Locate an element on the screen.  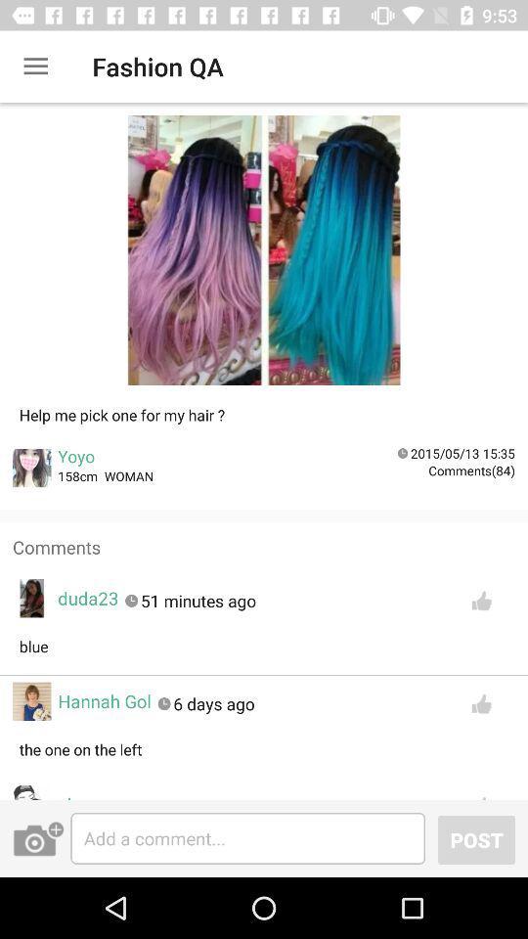
like button is located at coordinates (480, 600).